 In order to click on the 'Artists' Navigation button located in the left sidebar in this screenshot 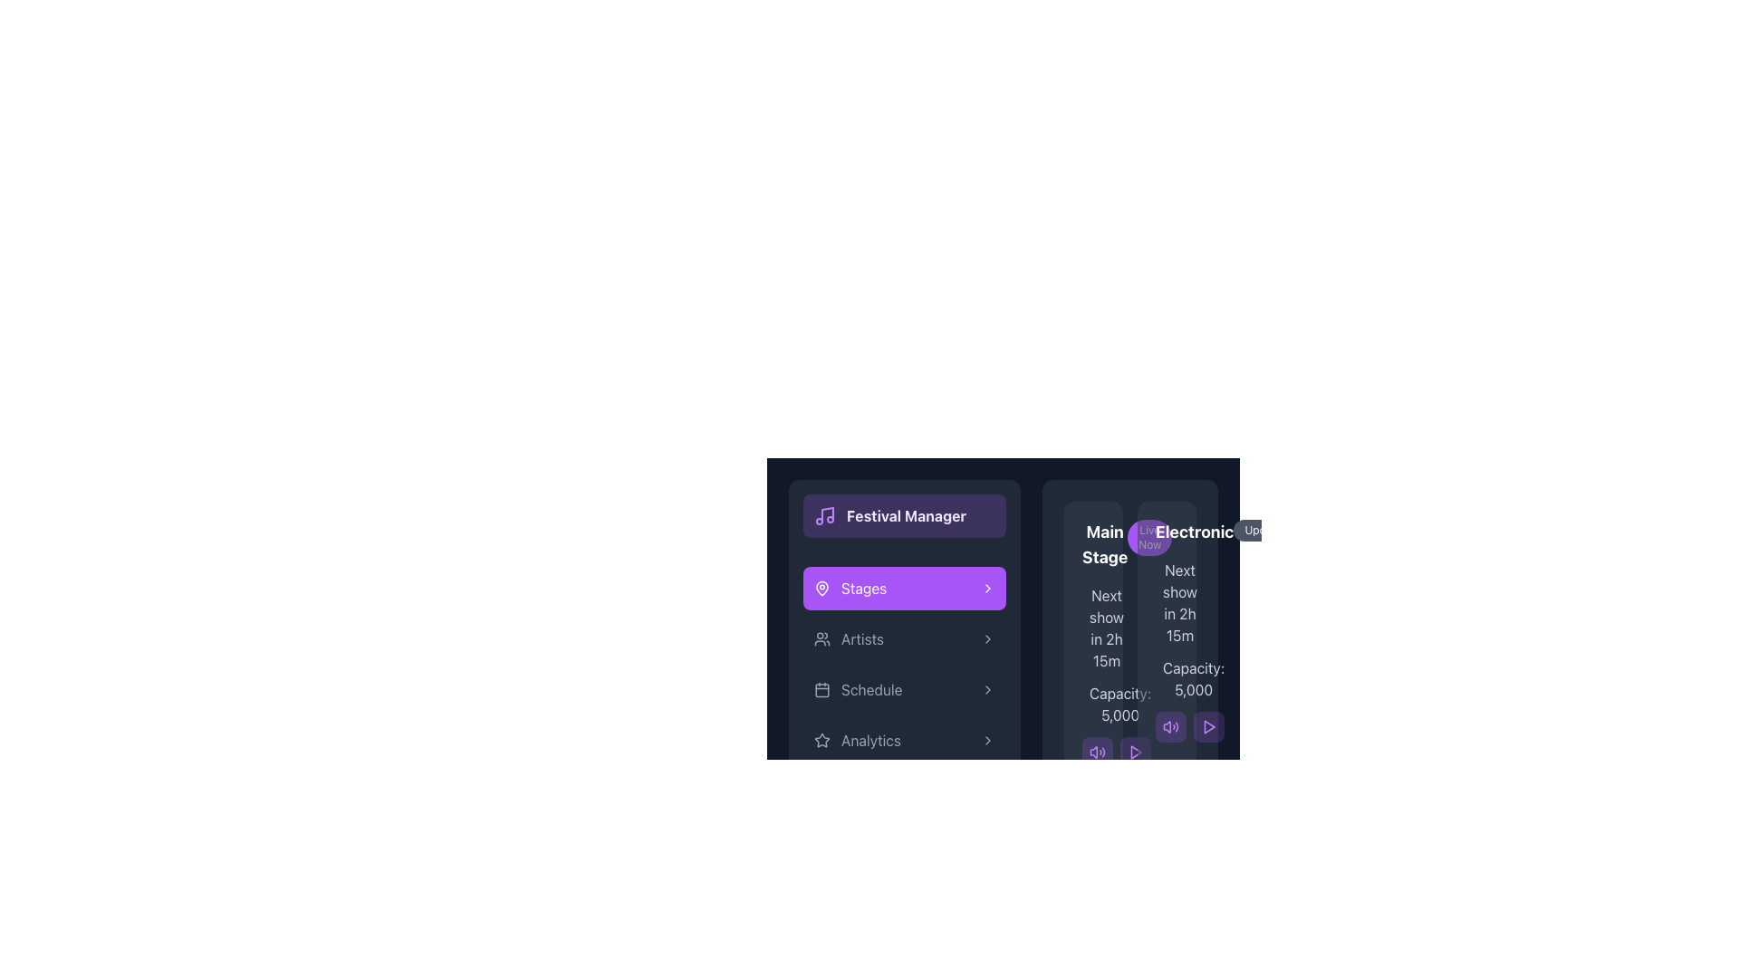, I will do `click(904, 638)`.